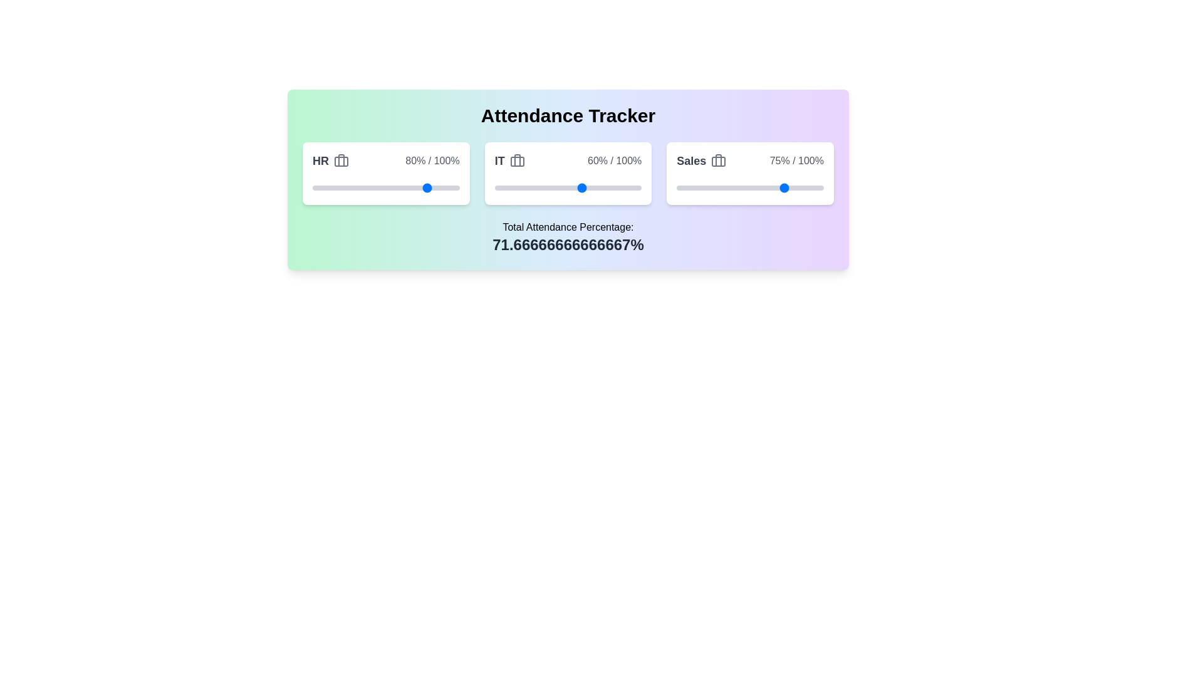 The width and height of the screenshot is (1203, 677). Describe the element at coordinates (568, 179) in the screenshot. I see `the statistics display panel titled 'Attendance Tracker', which includes team attendance sections and total attendance percentage` at that location.